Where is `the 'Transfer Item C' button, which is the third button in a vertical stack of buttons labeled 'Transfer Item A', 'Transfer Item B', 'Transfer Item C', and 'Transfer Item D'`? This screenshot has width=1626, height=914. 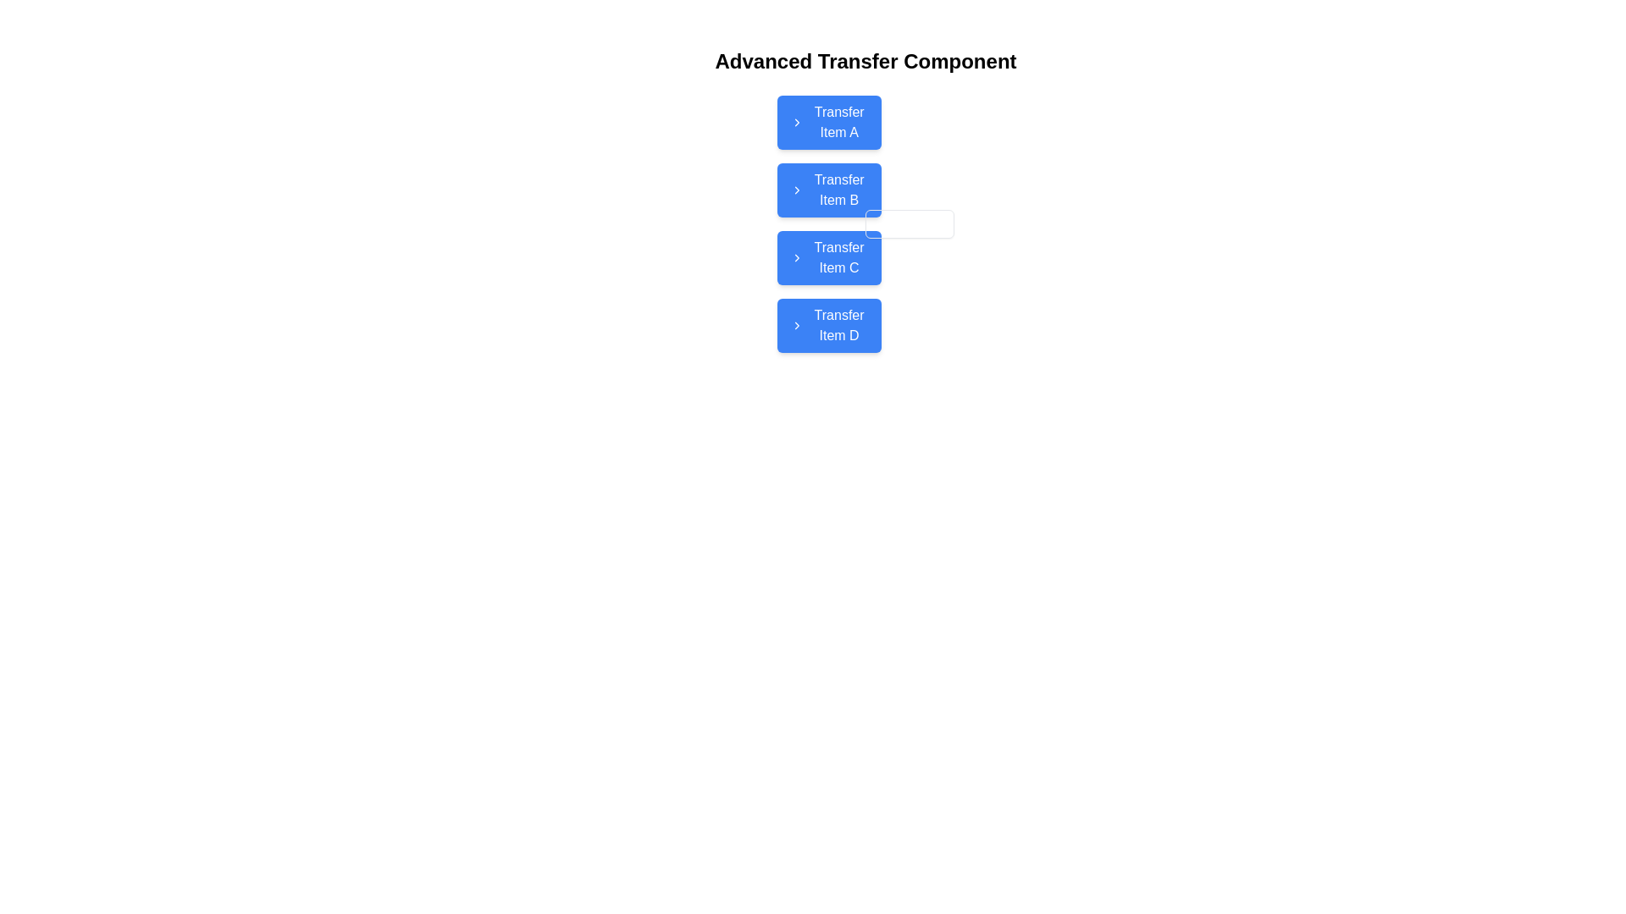
the 'Transfer Item C' button, which is the third button in a vertical stack of buttons labeled 'Transfer Item A', 'Transfer Item B', 'Transfer Item C', and 'Transfer Item D' is located at coordinates (829, 257).